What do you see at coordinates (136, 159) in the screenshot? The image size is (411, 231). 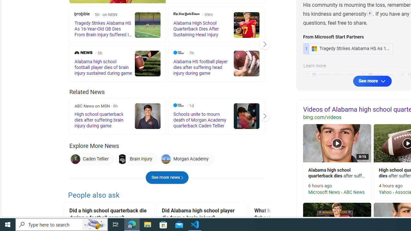 I see `'Brain Injury Brain Injury'` at bounding box center [136, 159].